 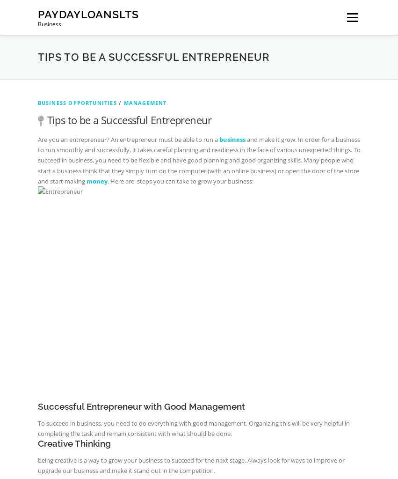 What do you see at coordinates (128, 138) in the screenshot?
I see `'Are you an entrepreneur? An entrepreneur must be able to run a'` at bounding box center [128, 138].